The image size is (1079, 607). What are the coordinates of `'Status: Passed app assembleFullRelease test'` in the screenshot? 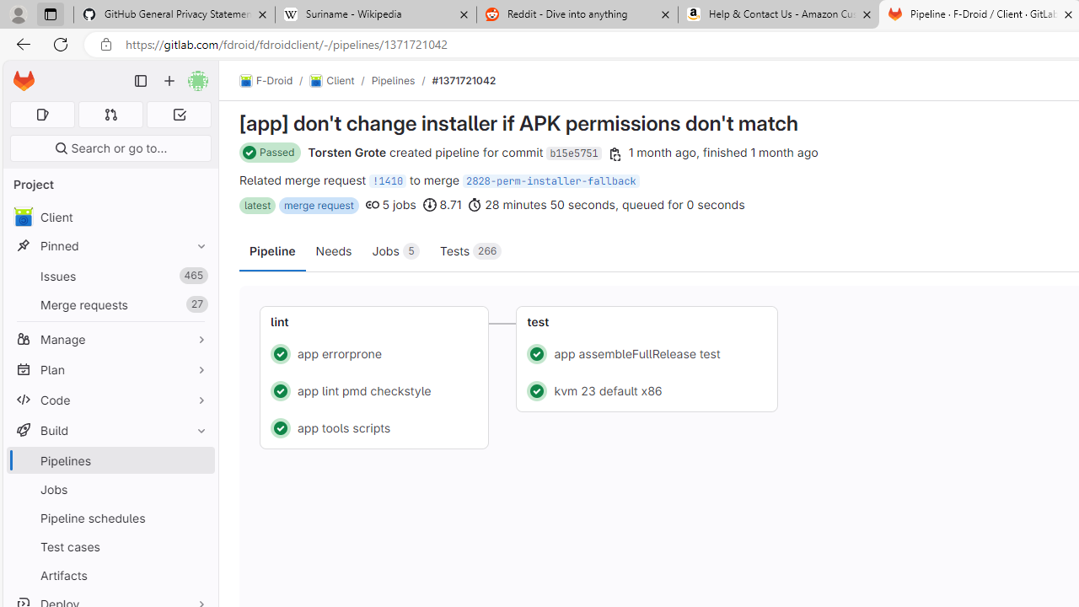 It's located at (647, 352).